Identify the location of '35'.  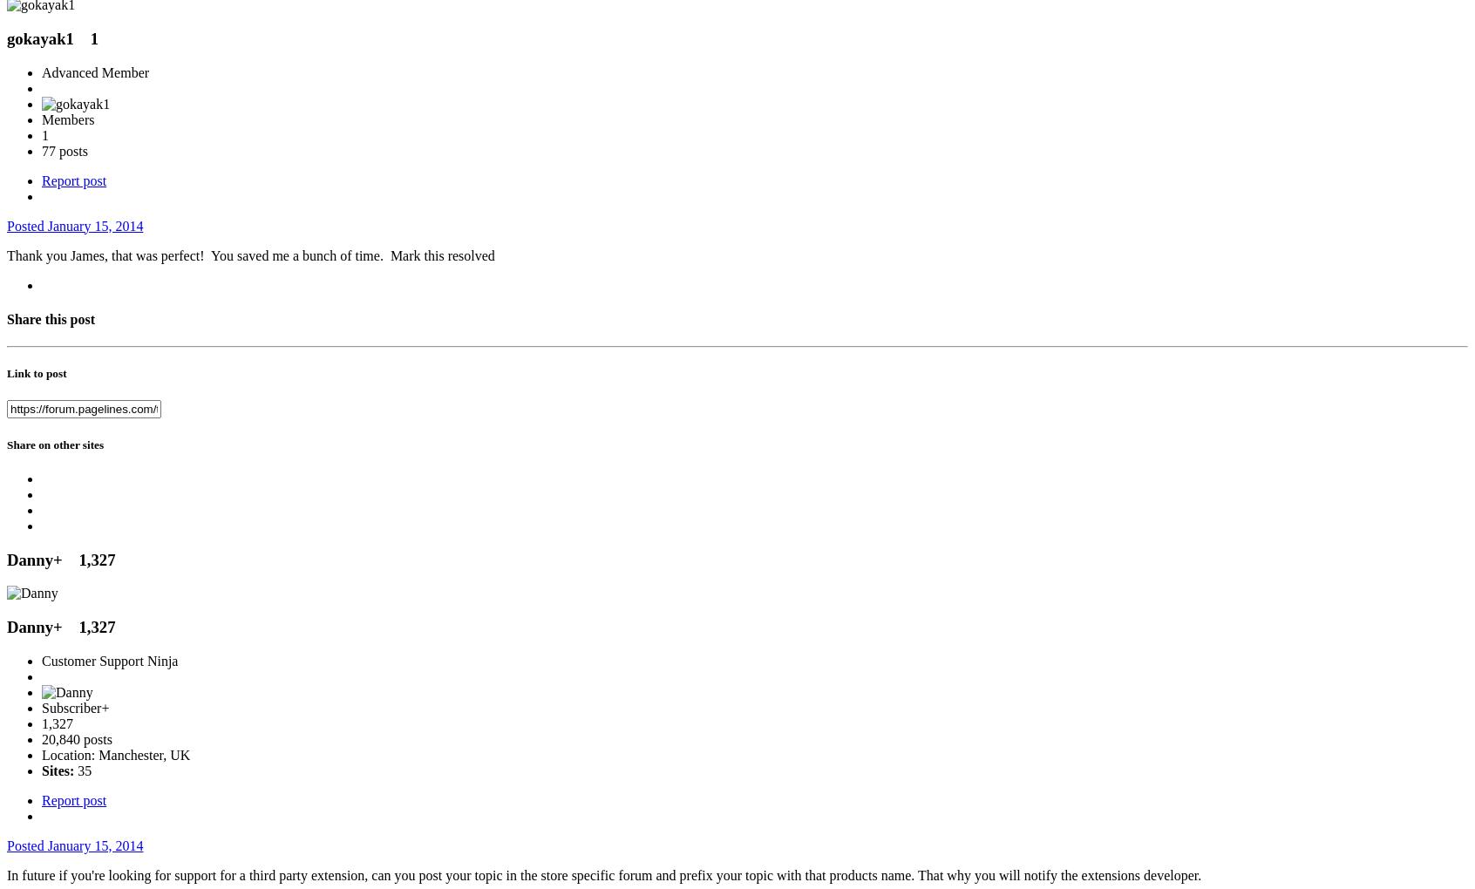
(82, 769).